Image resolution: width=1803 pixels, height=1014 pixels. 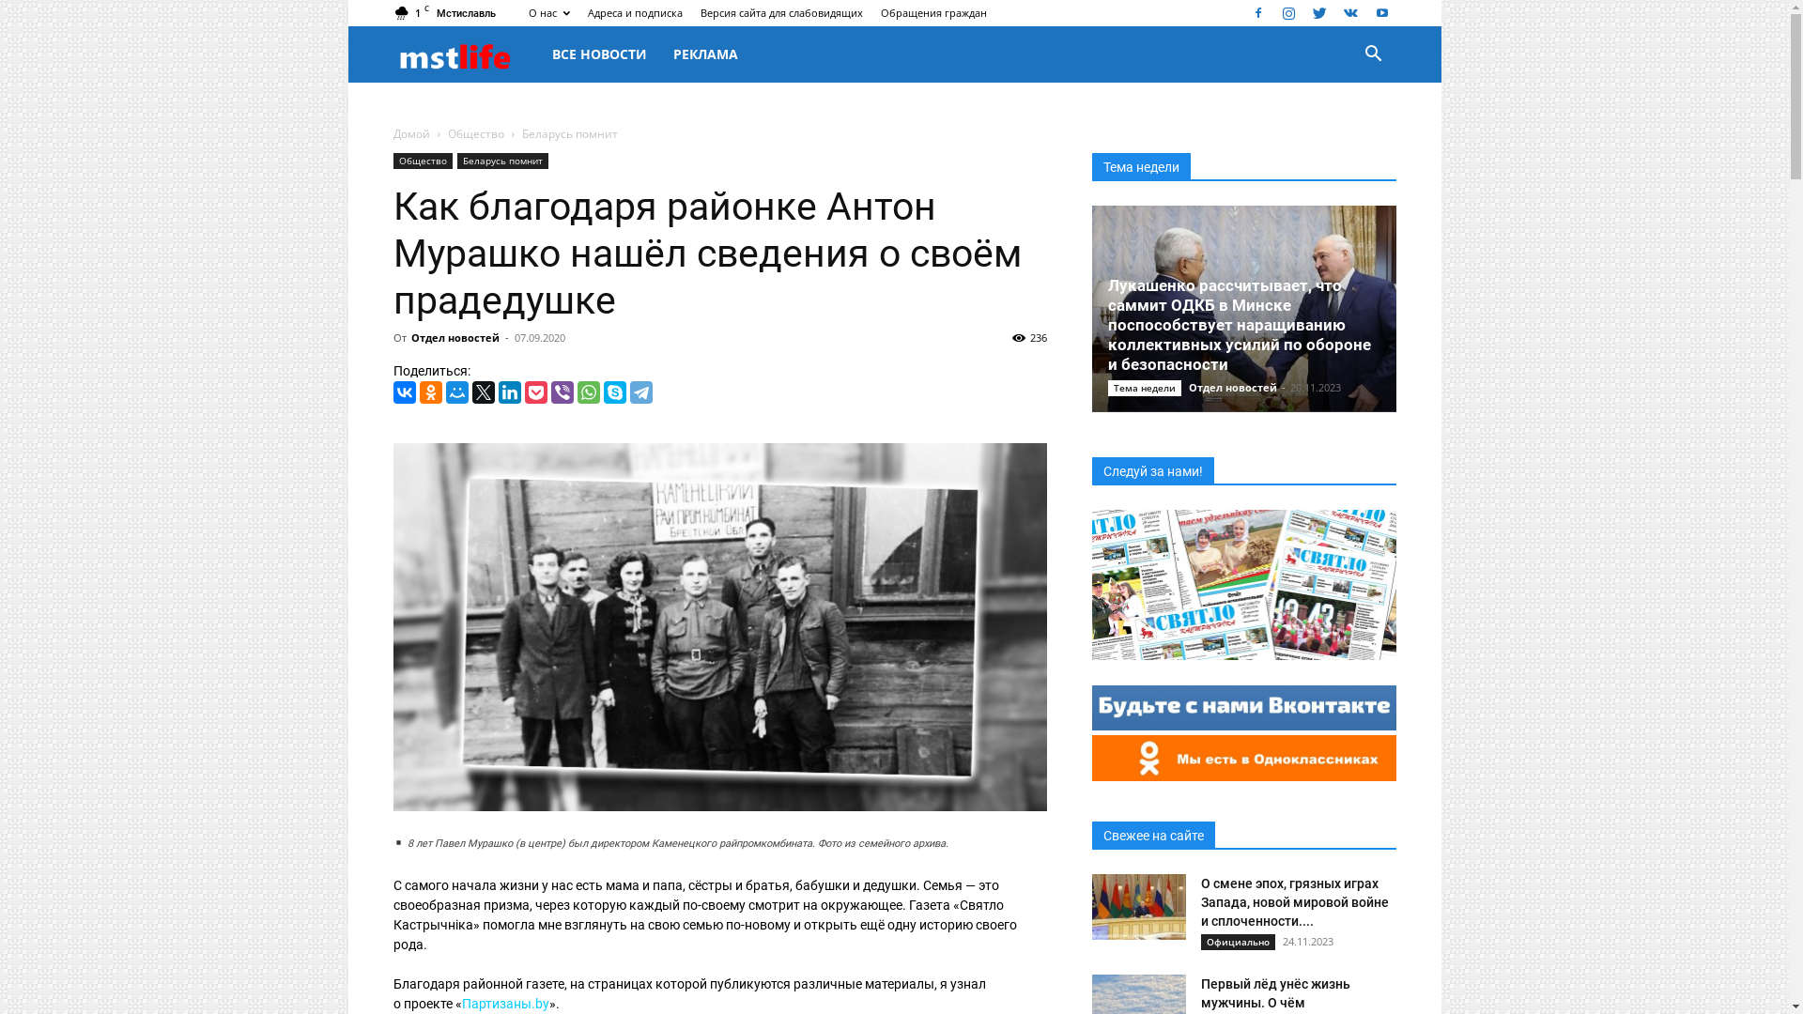 I want to click on 'Viber', so click(x=548, y=391).